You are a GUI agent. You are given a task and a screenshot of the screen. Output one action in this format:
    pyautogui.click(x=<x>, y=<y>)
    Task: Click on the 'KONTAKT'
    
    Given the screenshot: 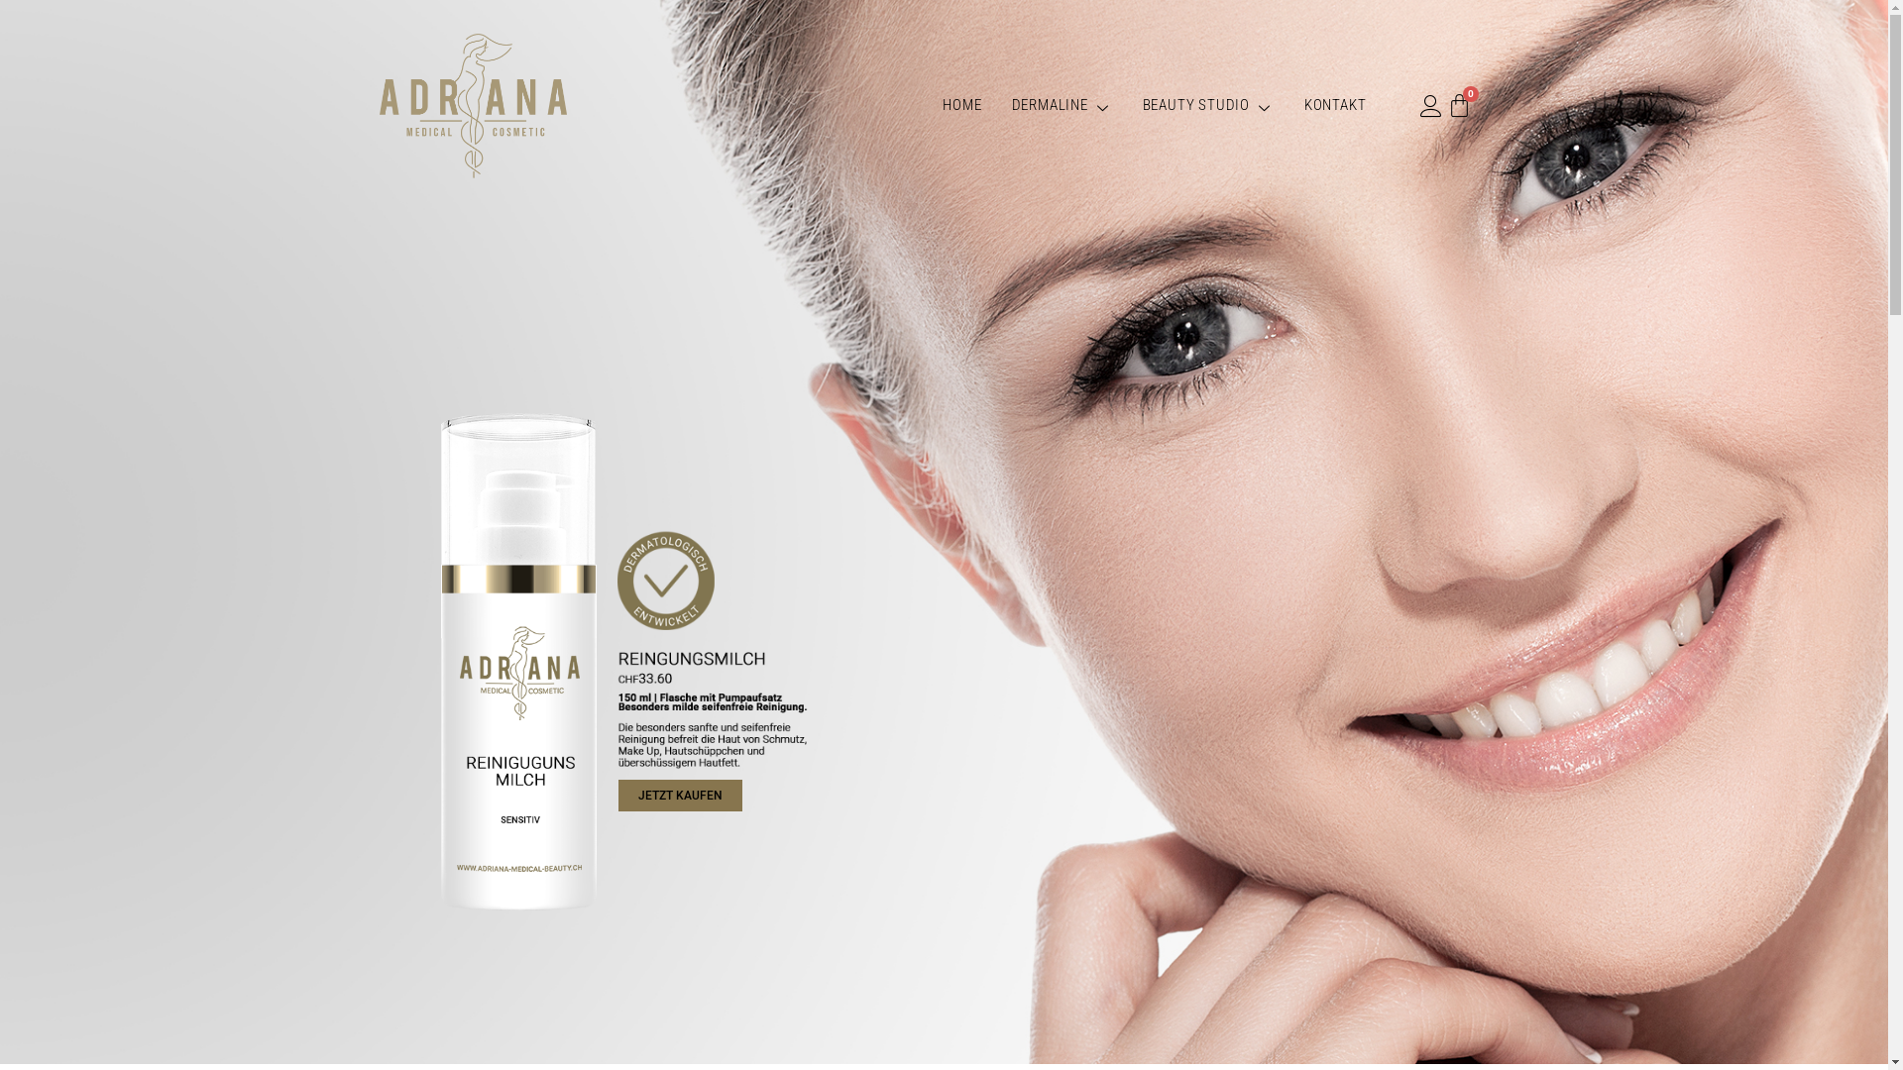 What is the action you would take?
    pyautogui.click(x=1288, y=105)
    